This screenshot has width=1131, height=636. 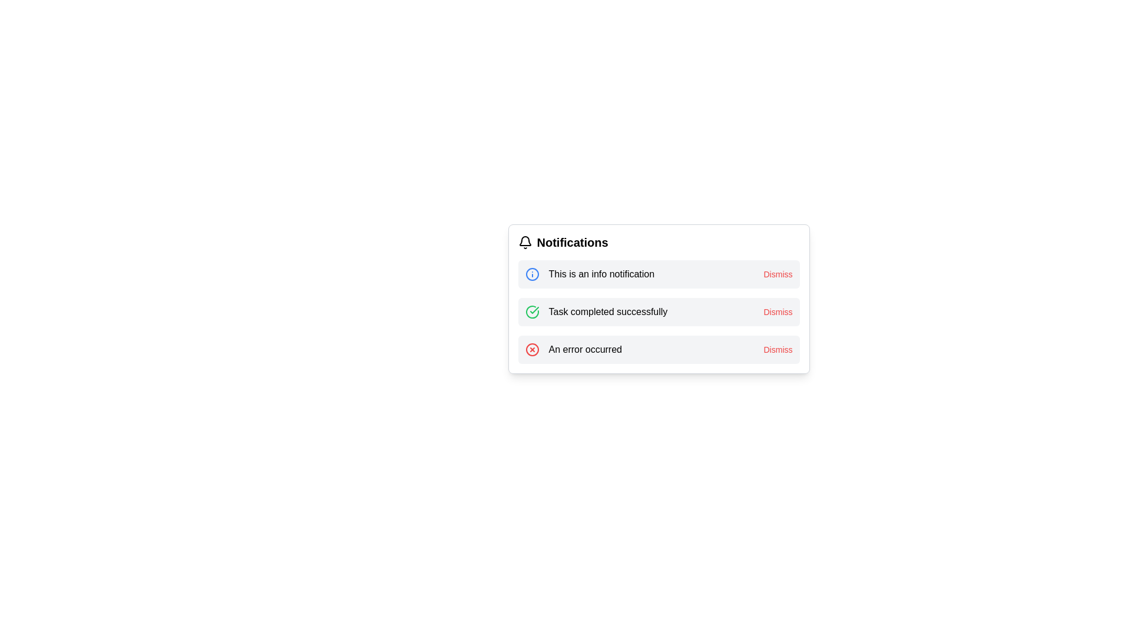 What do you see at coordinates (778, 349) in the screenshot?
I see `the dismiss link styled as a text-based button located at the right side of the notification bar containing the text 'An error occurred'` at bounding box center [778, 349].